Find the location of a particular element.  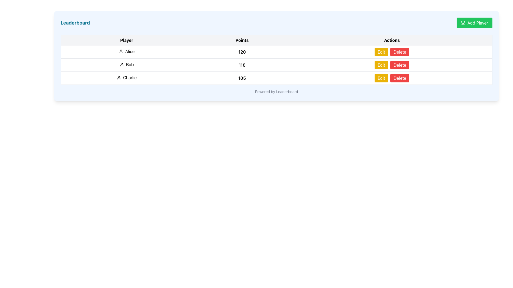

the numeric text field displaying '120' in bold font, located in the 'Points' column of the first row corresponding to user 'Alice' is located at coordinates (242, 52).